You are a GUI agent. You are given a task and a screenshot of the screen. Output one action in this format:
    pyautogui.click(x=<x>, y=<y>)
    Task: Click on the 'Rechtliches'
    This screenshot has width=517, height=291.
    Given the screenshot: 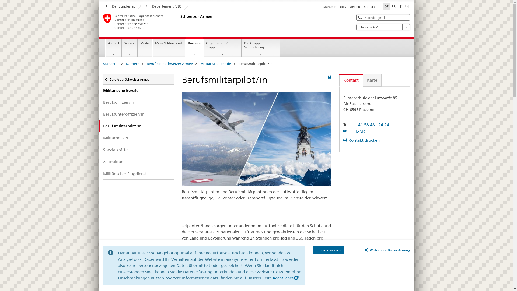 What is the action you would take?
    pyautogui.click(x=285, y=278)
    